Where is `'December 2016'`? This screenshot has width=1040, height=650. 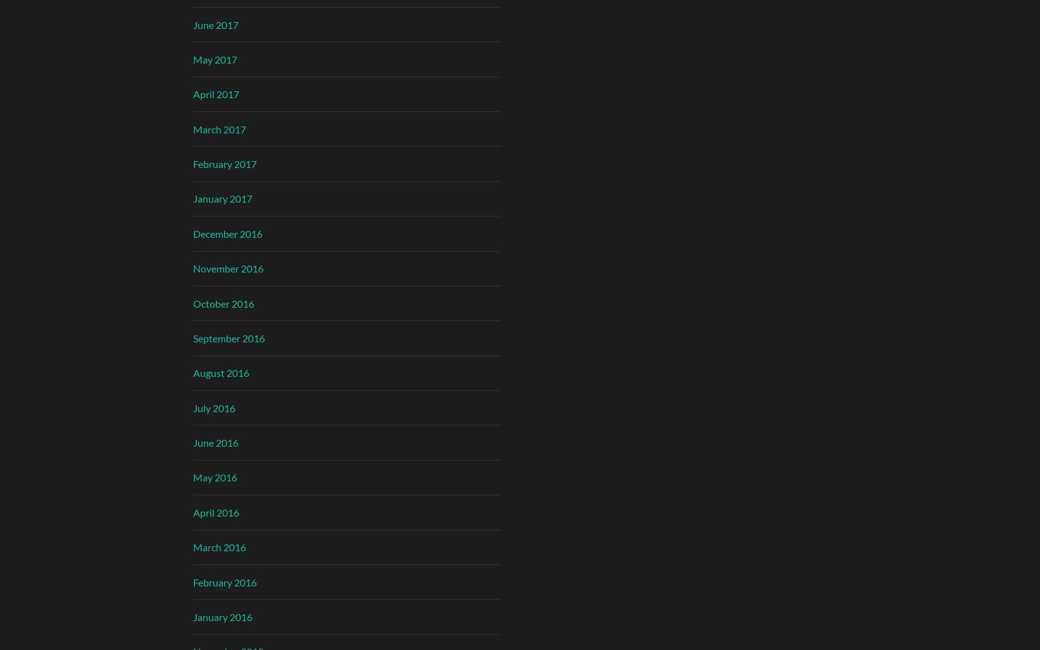
'December 2016' is located at coordinates (191, 233).